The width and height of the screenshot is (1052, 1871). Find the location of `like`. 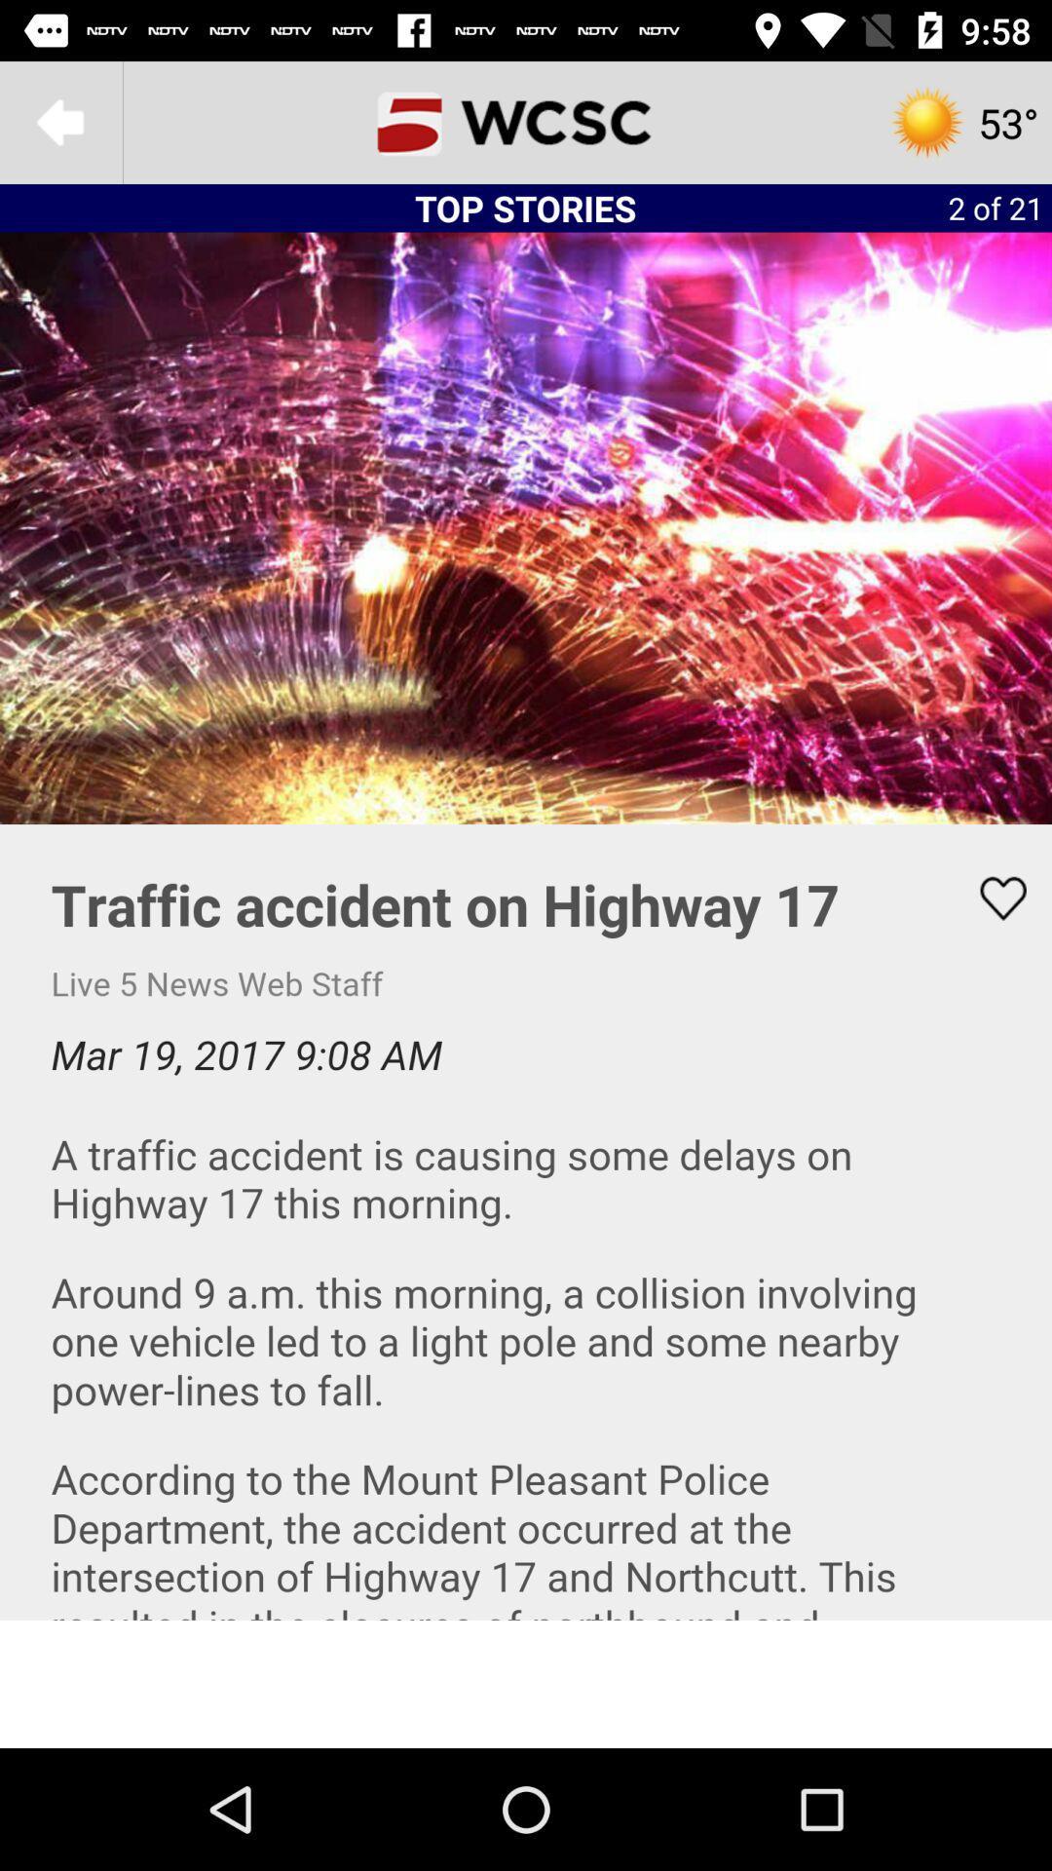

like is located at coordinates (991, 897).